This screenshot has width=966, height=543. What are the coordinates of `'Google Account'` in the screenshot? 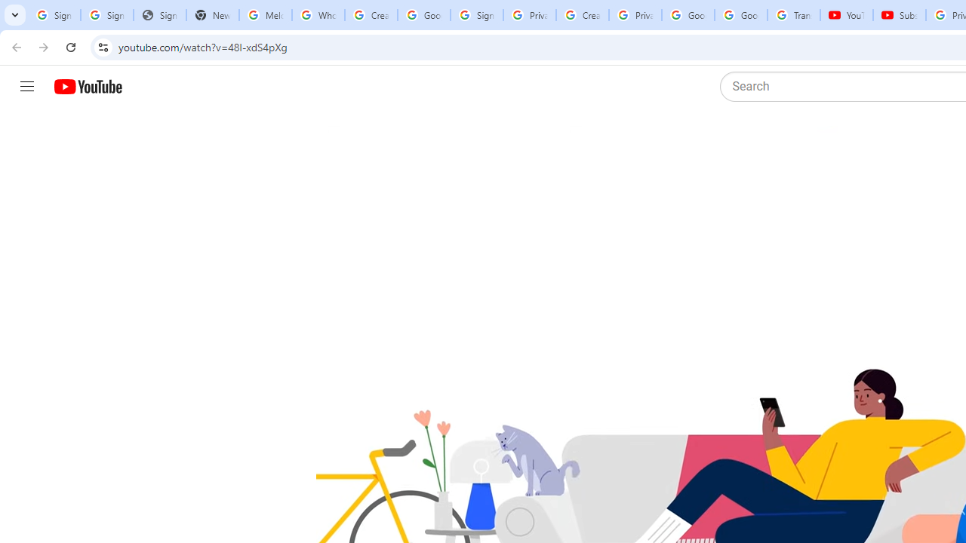 It's located at (741, 15).